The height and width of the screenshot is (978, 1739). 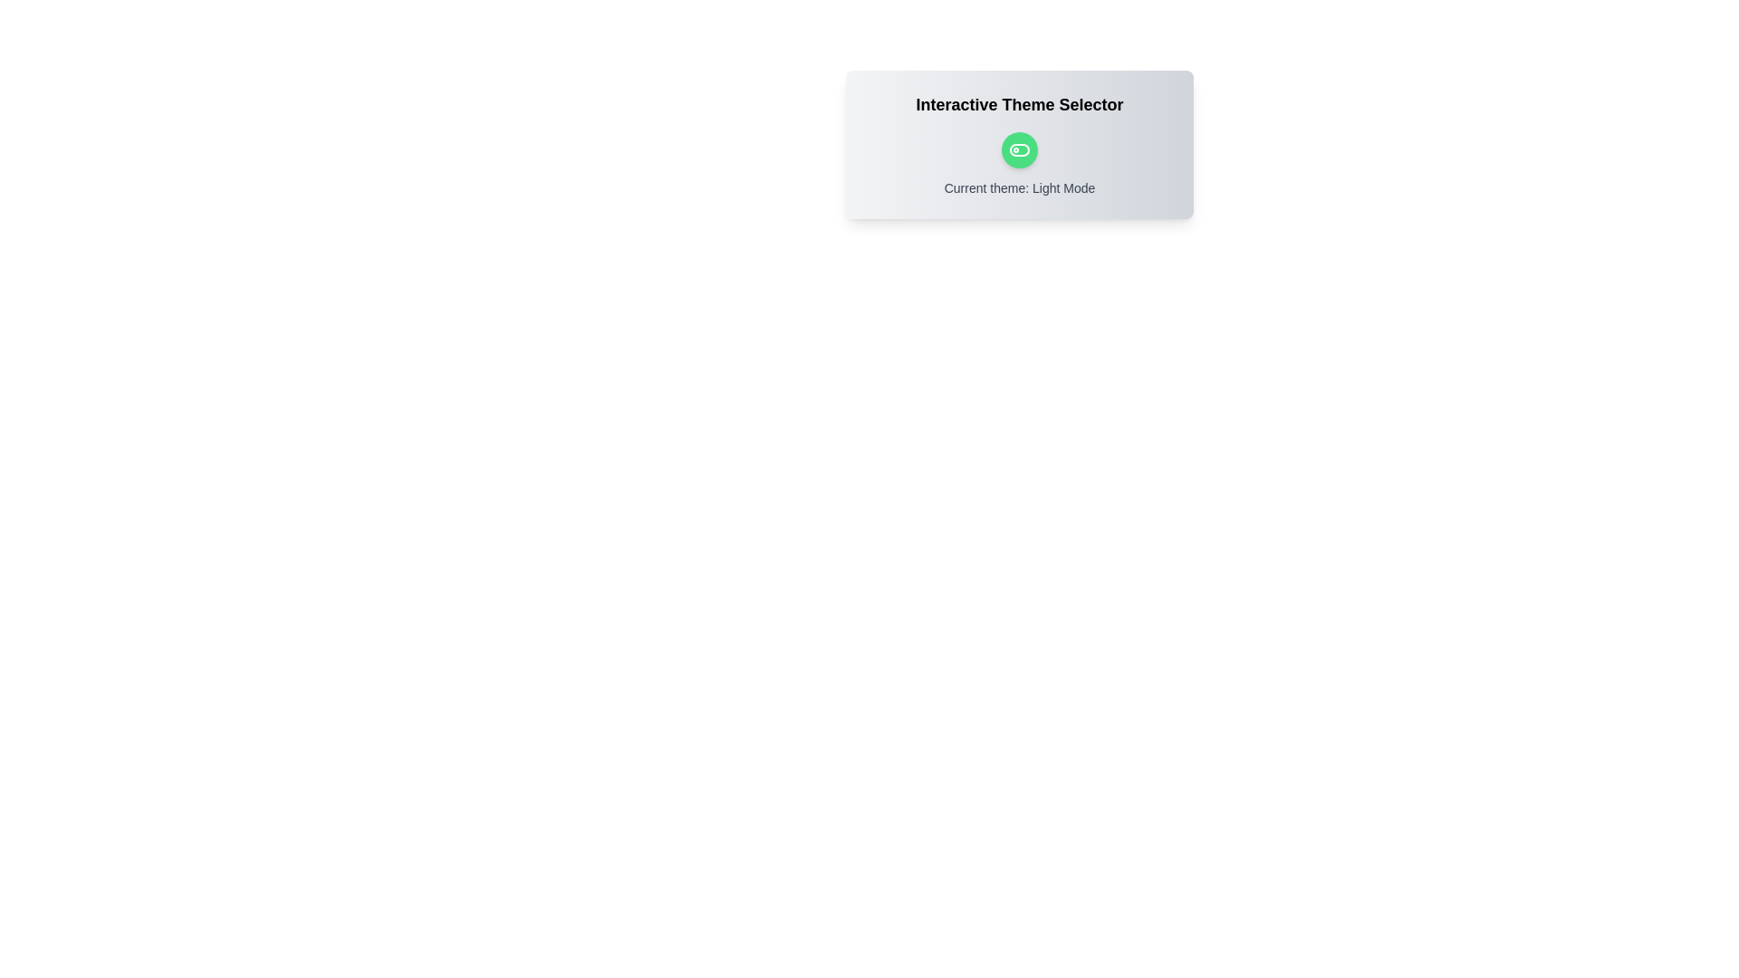 I want to click on the toggle switch that is centrally located in a green circular background, positioned below the title 'Interactive Theme Selector' and above the subtitle 'Current theme: Light Mode', so click(x=1020, y=149).